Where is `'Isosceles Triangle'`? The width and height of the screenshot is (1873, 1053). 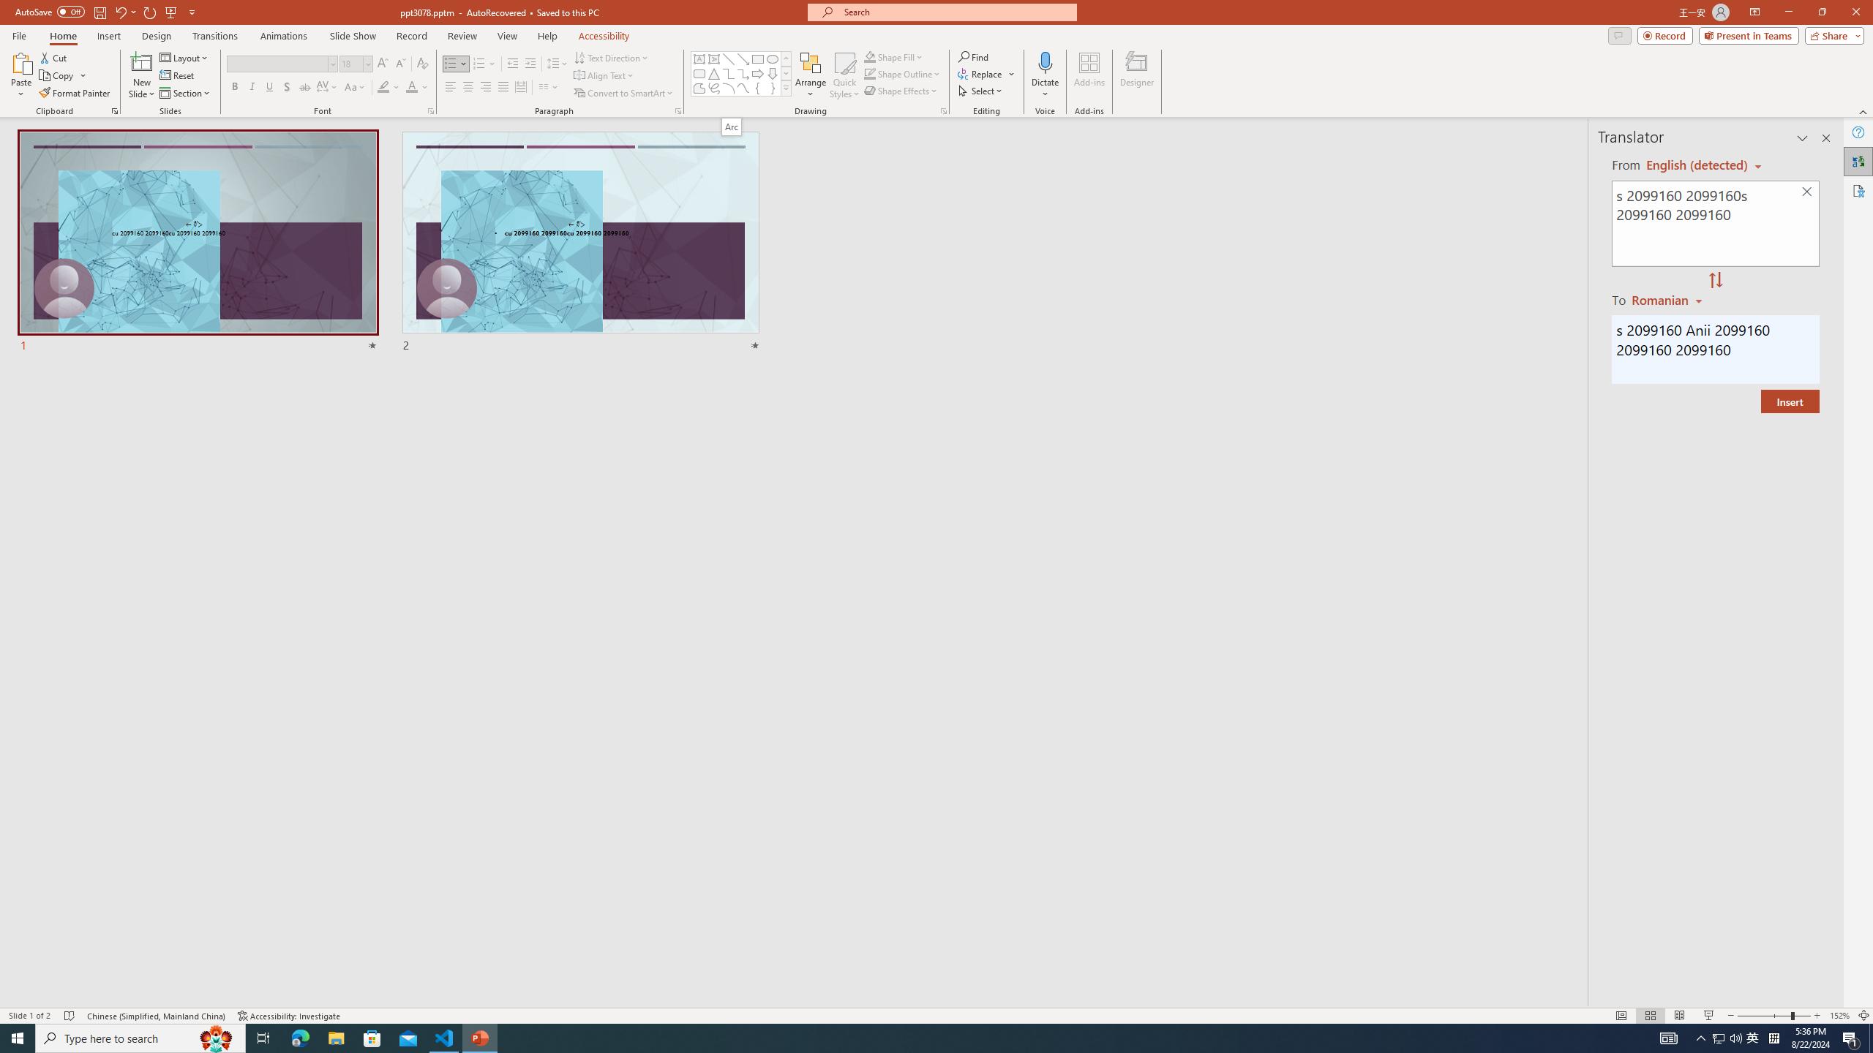
'Isosceles Triangle' is located at coordinates (713, 72).